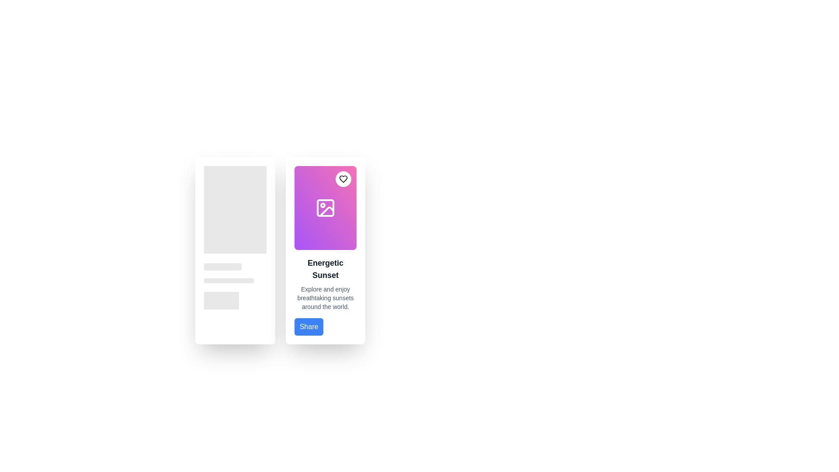 This screenshot has height=472, width=839. Describe the element at coordinates (343, 178) in the screenshot. I see `the circular interactive button with a heart icon located in the top-right corner of the purple section of the 'Energetic Sunset' card` at that location.